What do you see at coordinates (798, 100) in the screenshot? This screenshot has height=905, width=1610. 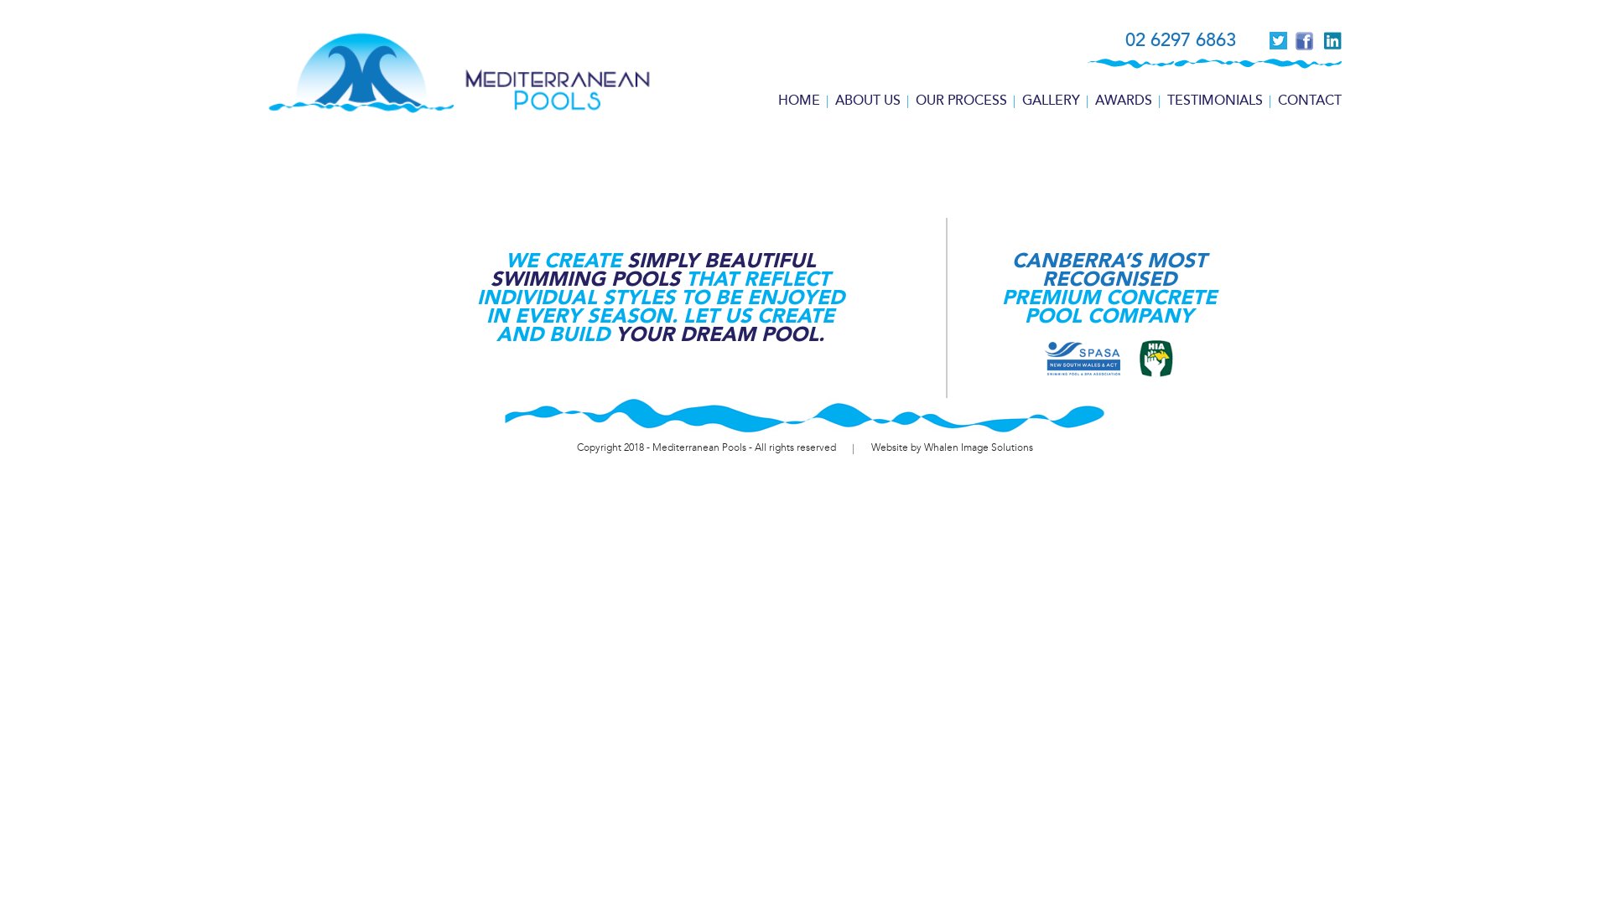 I see `'HOME'` at bounding box center [798, 100].